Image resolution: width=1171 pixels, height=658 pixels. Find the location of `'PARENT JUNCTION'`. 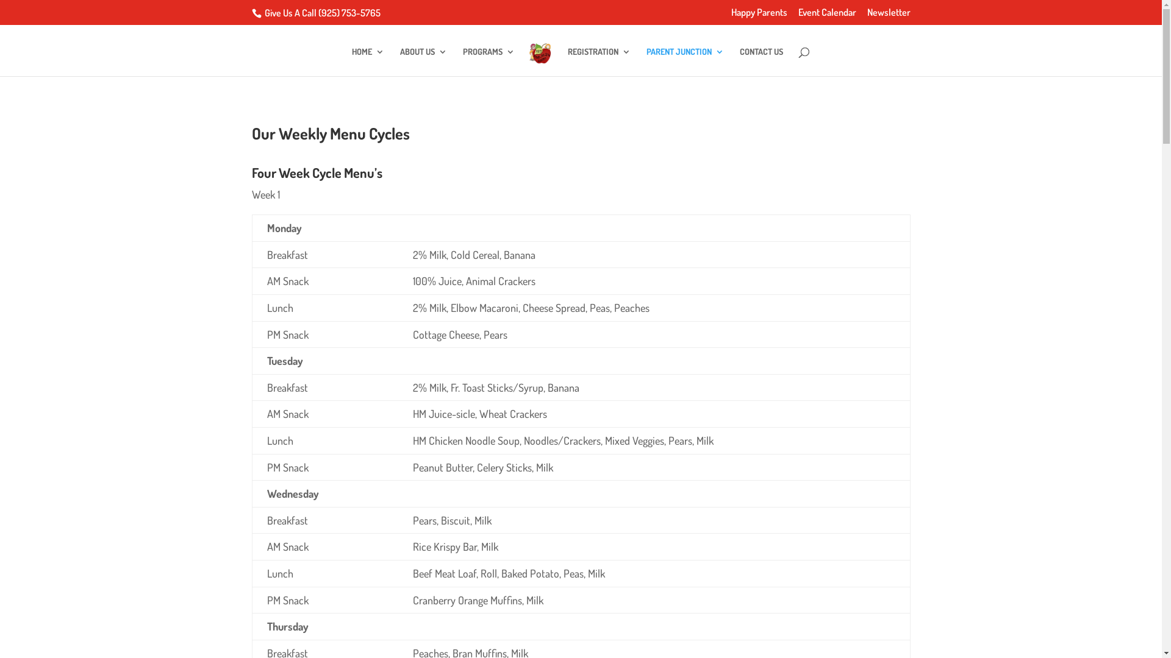

'PARENT JUNCTION' is located at coordinates (685, 62).